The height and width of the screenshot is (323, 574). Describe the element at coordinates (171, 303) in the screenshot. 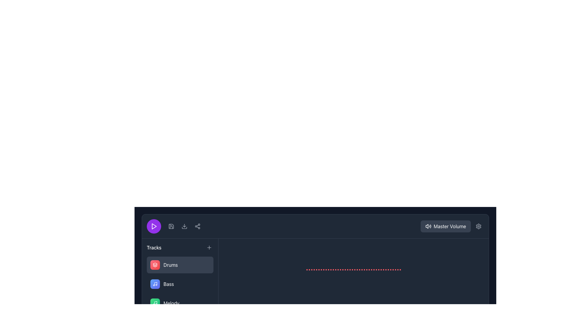

I see `text label displaying 'Melody' which is styled plainly in white against a dark background, positioned under the 'Tracks' section following 'Drums' and 'Bass'` at that location.